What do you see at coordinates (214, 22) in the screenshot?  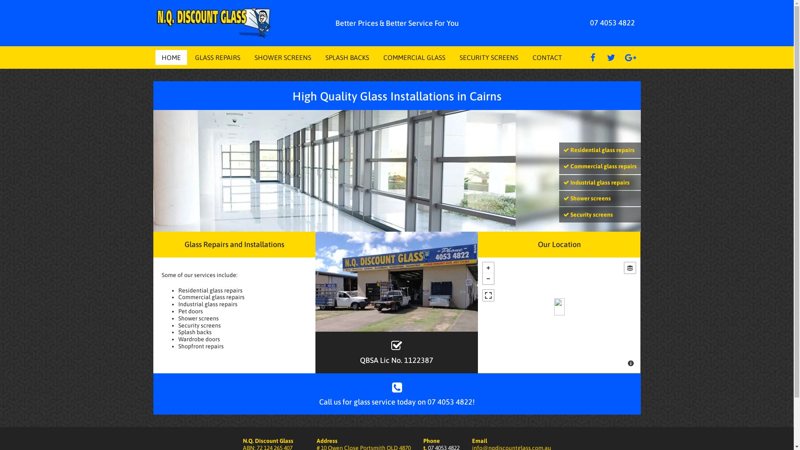 I see `'nq discount logo'` at bounding box center [214, 22].